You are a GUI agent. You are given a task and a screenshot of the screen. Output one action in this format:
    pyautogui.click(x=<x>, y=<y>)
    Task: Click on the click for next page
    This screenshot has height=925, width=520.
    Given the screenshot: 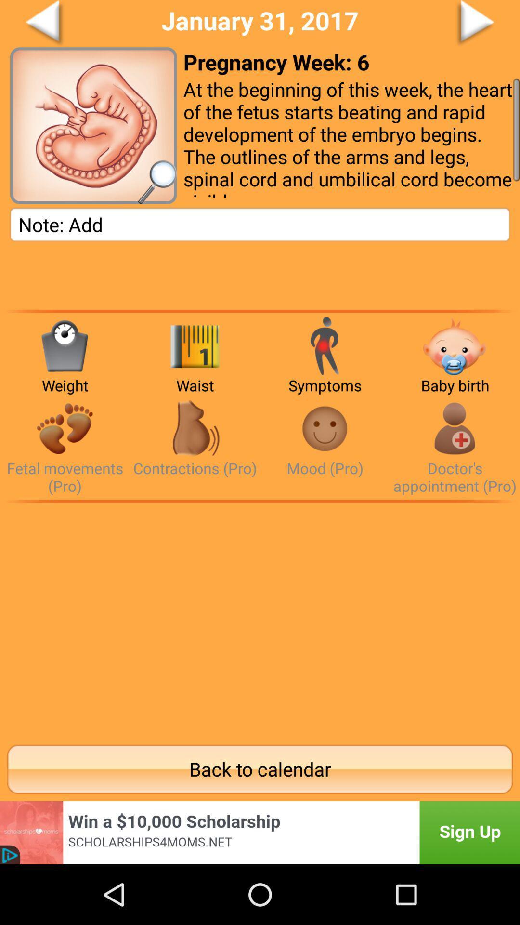 What is the action you would take?
    pyautogui.click(x=439, y=24)
    